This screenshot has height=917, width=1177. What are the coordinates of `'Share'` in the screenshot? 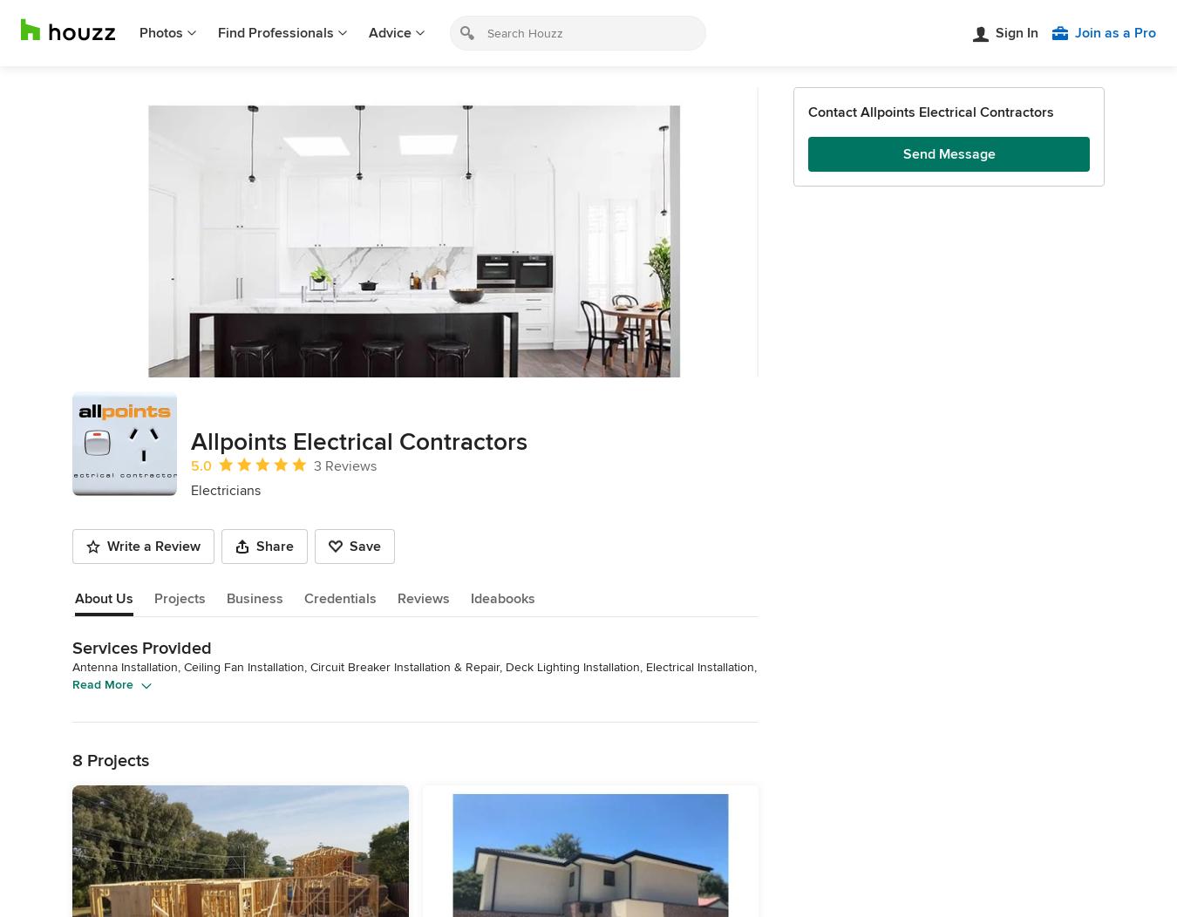 It's located at (274, 546).